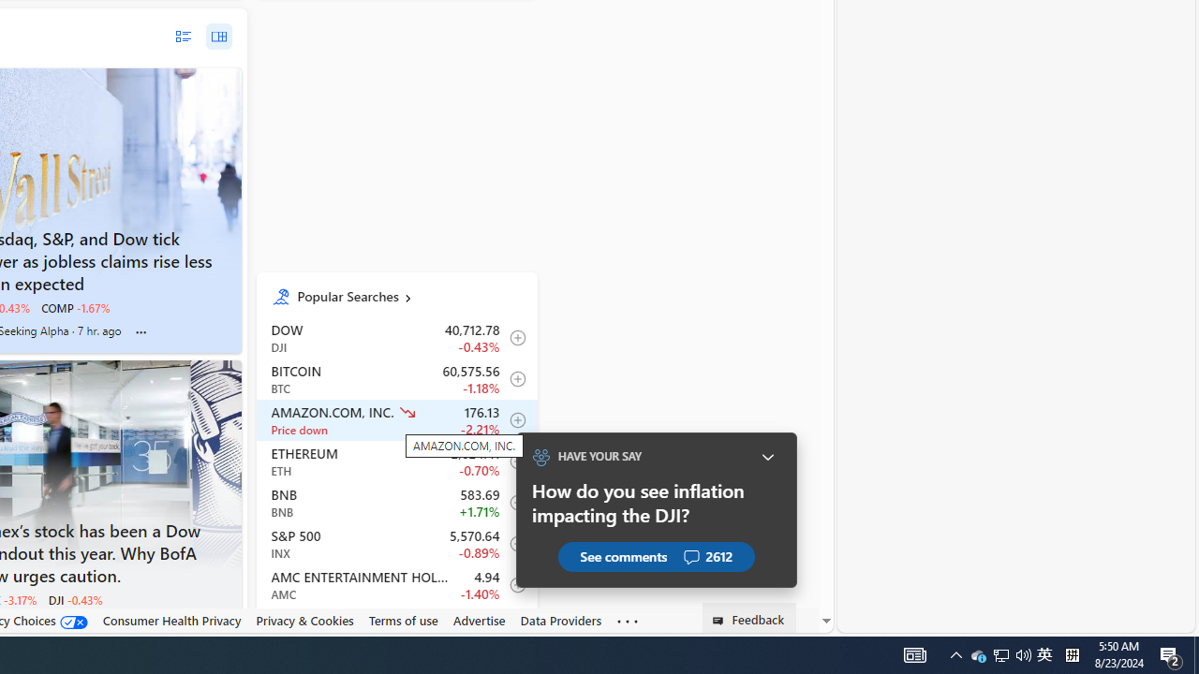  What do you see at coordinates (304, 621) in the screenshot?
I see `'Privacy & Cookies'` at bounding box center [304, 621].